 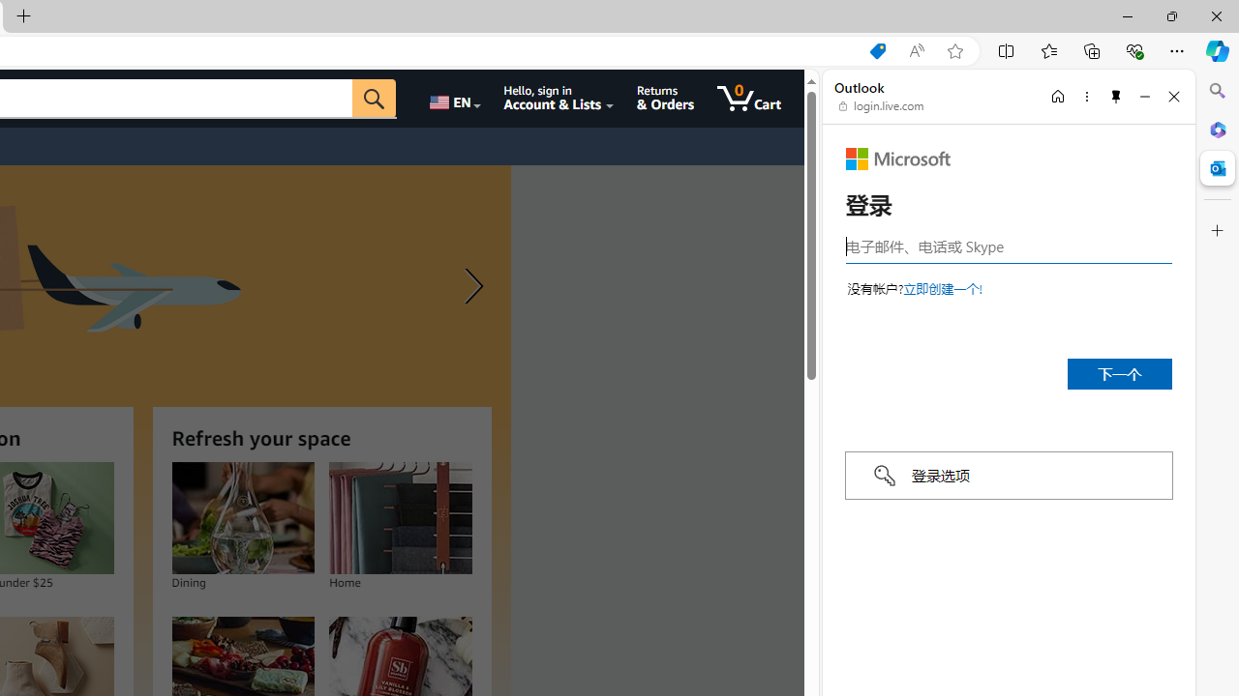 What do you see at coordinates (897, 158) in the screenshot?
I see `'Microsoft'` at bounding box center [897, 158].